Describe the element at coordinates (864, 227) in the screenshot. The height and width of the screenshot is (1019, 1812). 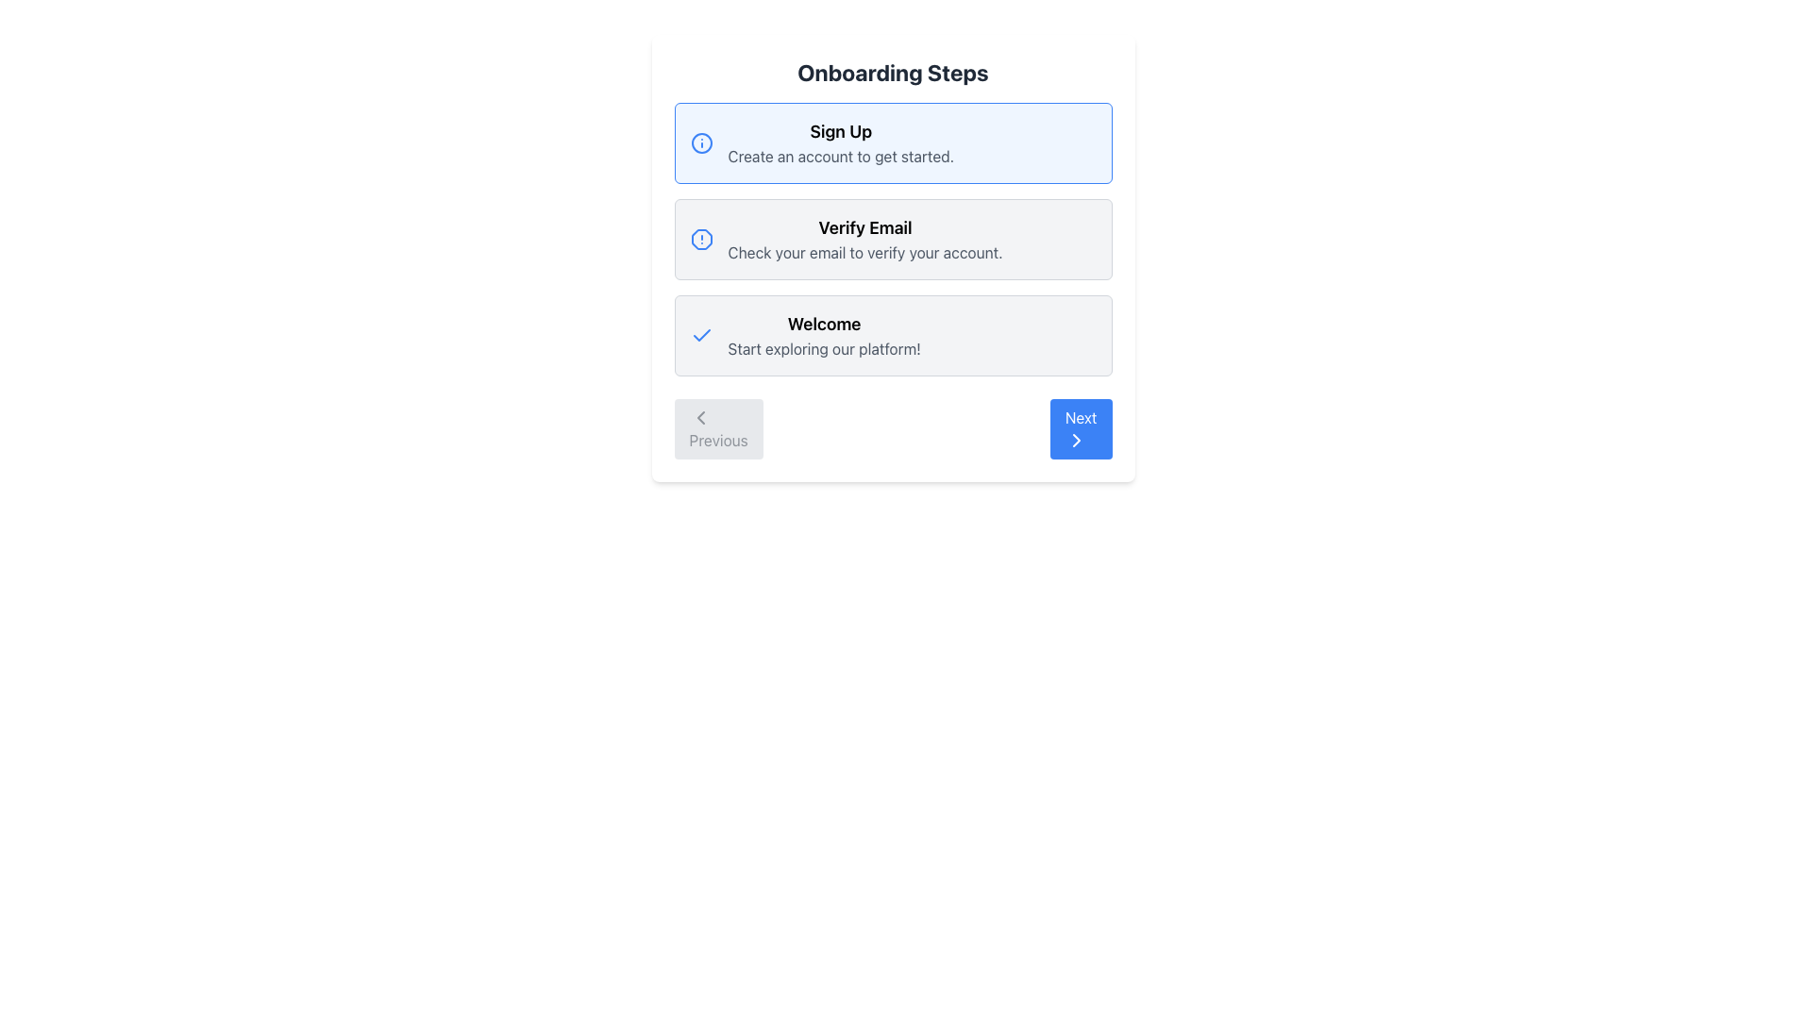
I see `the onboarding steps text label, which indicates the current step in the onboarding process, located at the top-center of the middle card in a vertical stack of three cards` at that location.